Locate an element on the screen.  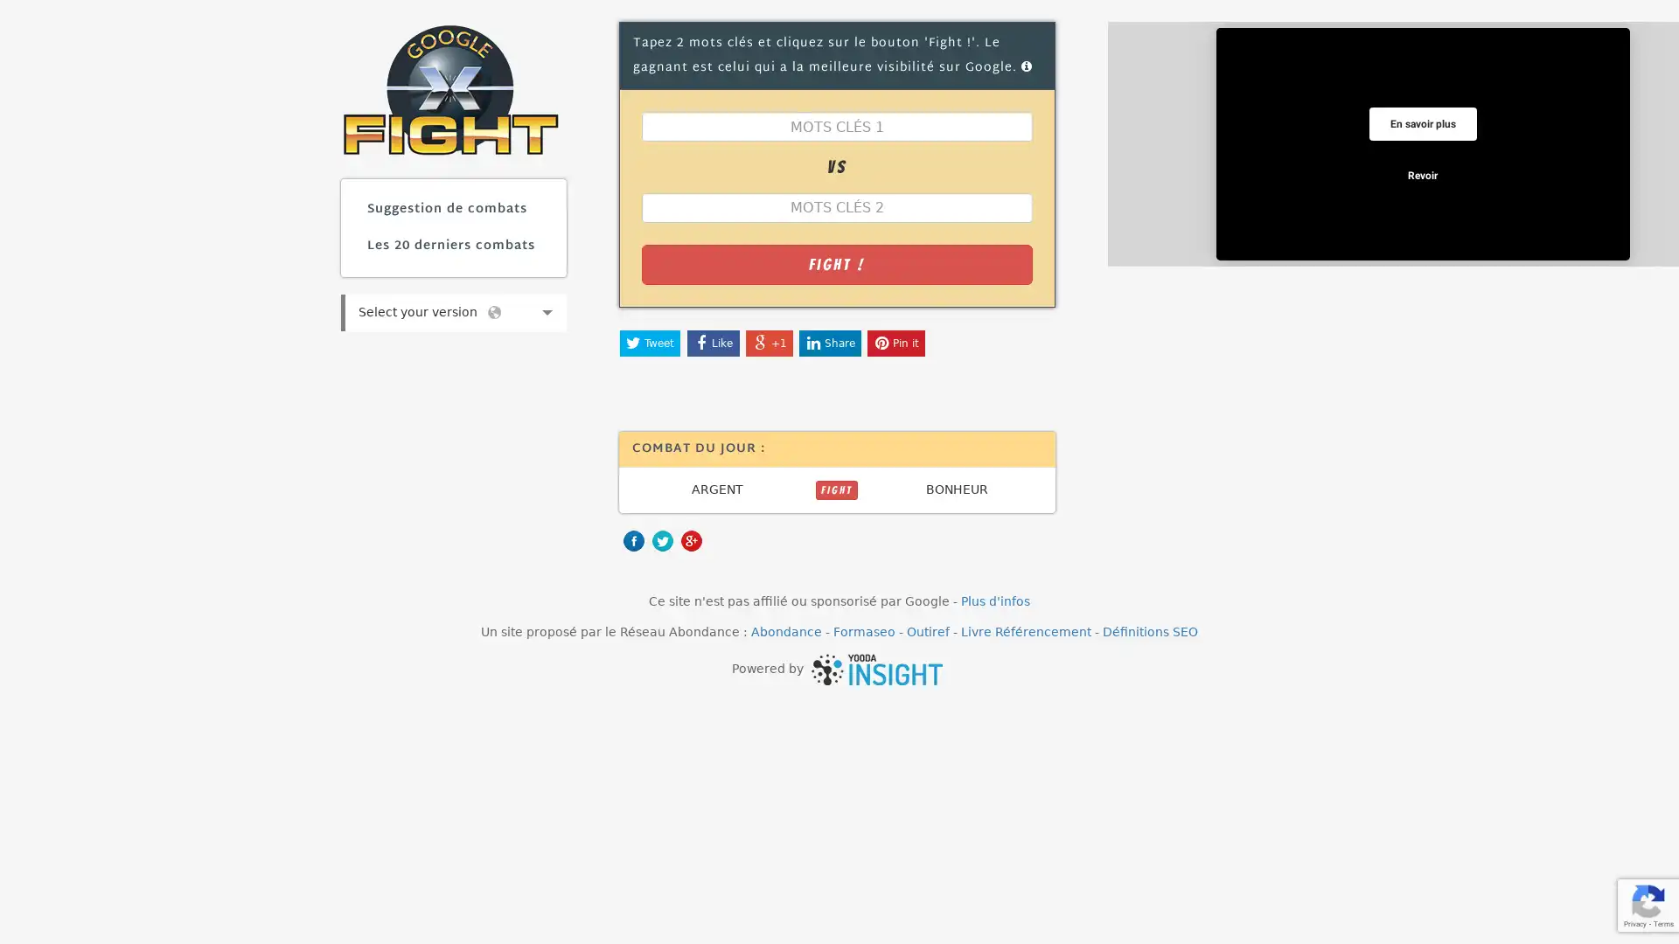
FIGHT is located at coordinates (835, 489).